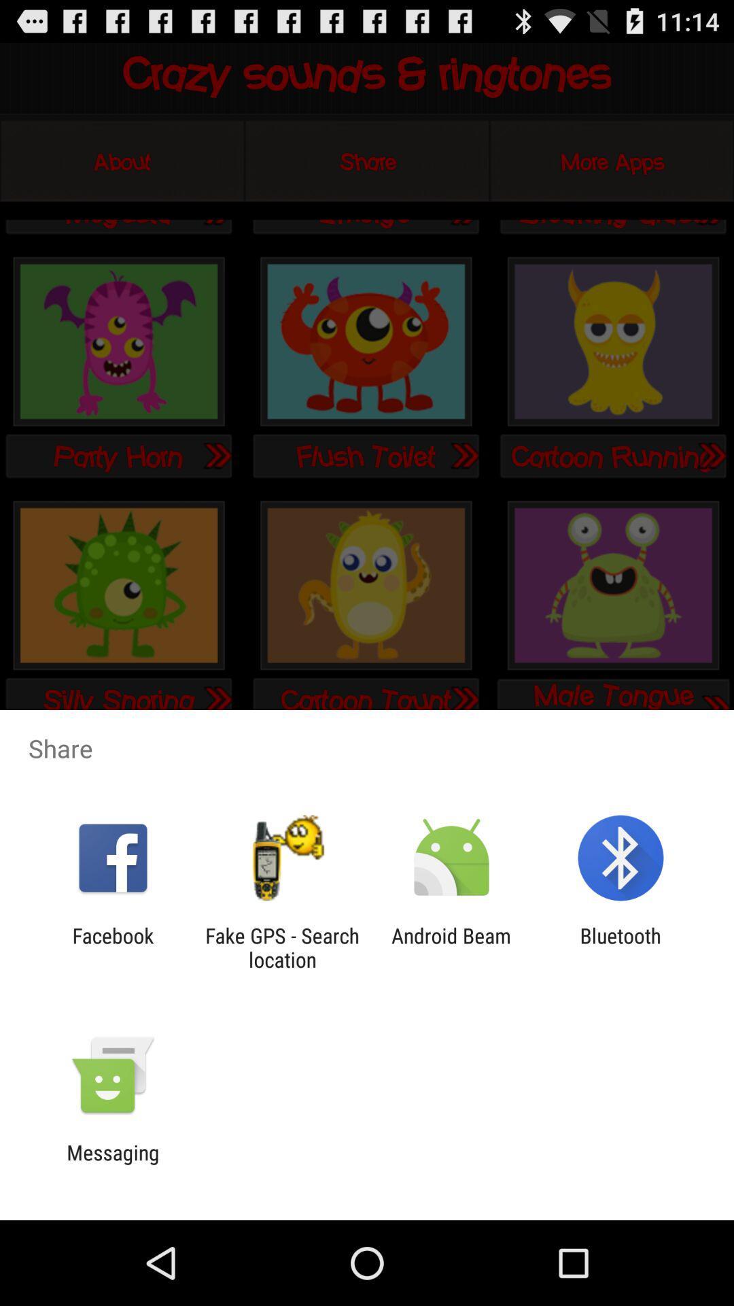 Image resolution: width=734 pixels, height=1306 pixels. What do you see at coordinates (281, 947) in the screenshot?
I see `item to the left of android beam item` at bounding box center [281, 947].